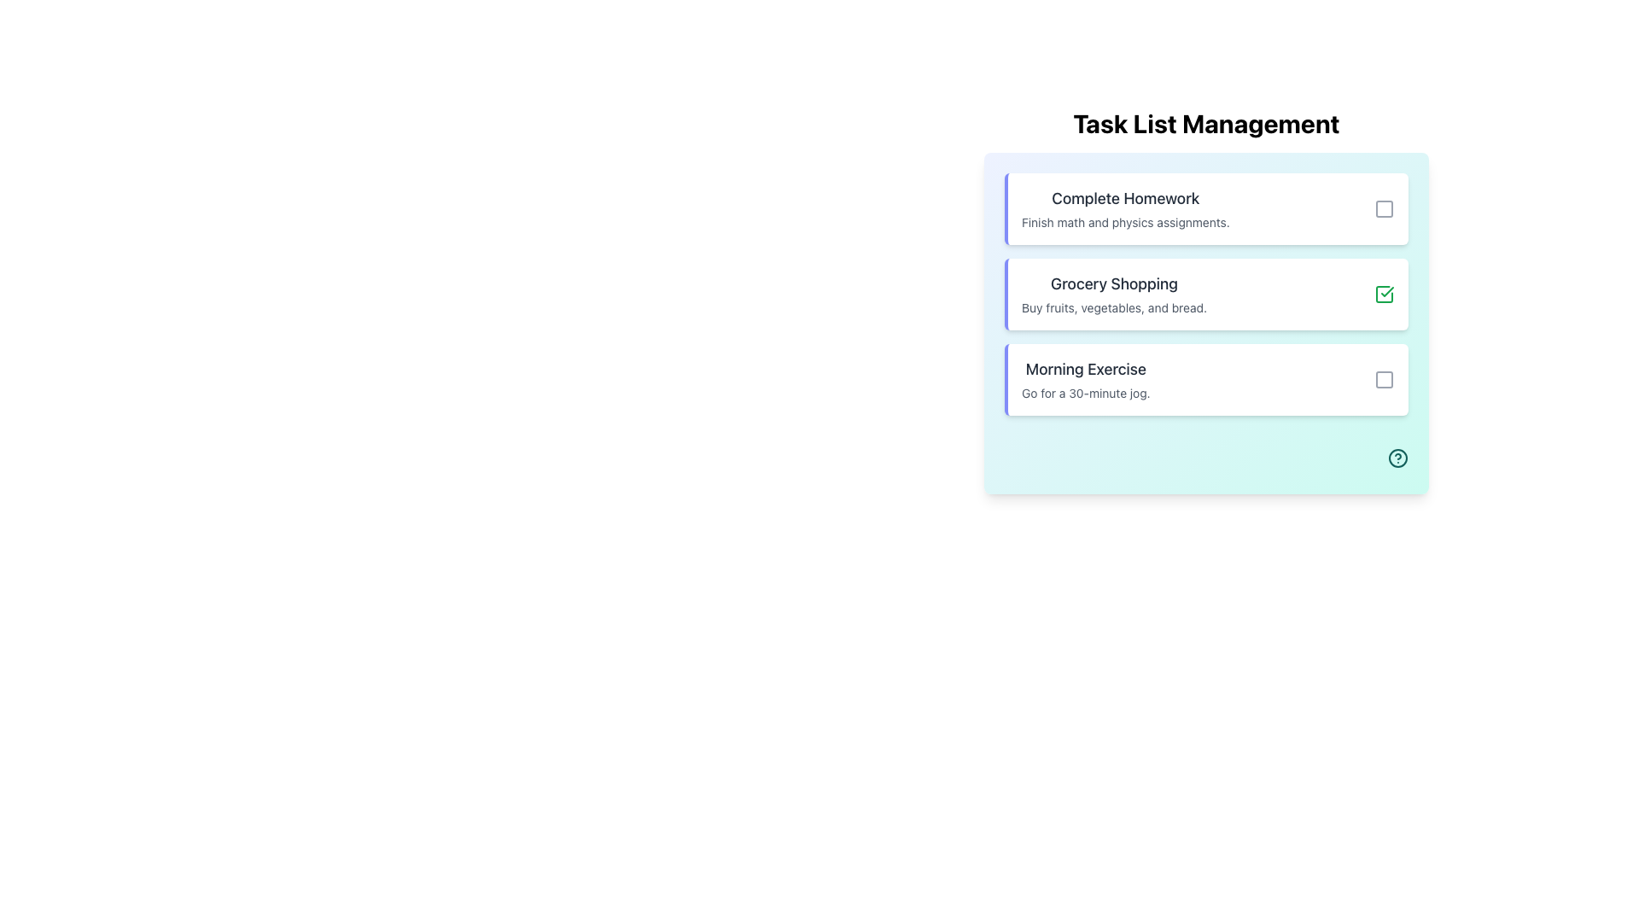 This screenshot has height=922, width=1639. Describe the element at coordinates (1205, 323) in the screenshot. I see `the checkbox in the 'Grocery Shopping' task card to mark it as completed` at that location.